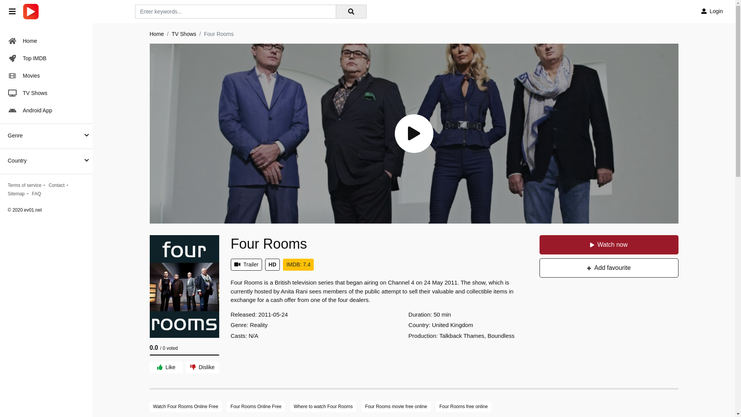 The height and width of the screenshot is (417, 741). I want to click on 'ev01.net', so click(31, 12).